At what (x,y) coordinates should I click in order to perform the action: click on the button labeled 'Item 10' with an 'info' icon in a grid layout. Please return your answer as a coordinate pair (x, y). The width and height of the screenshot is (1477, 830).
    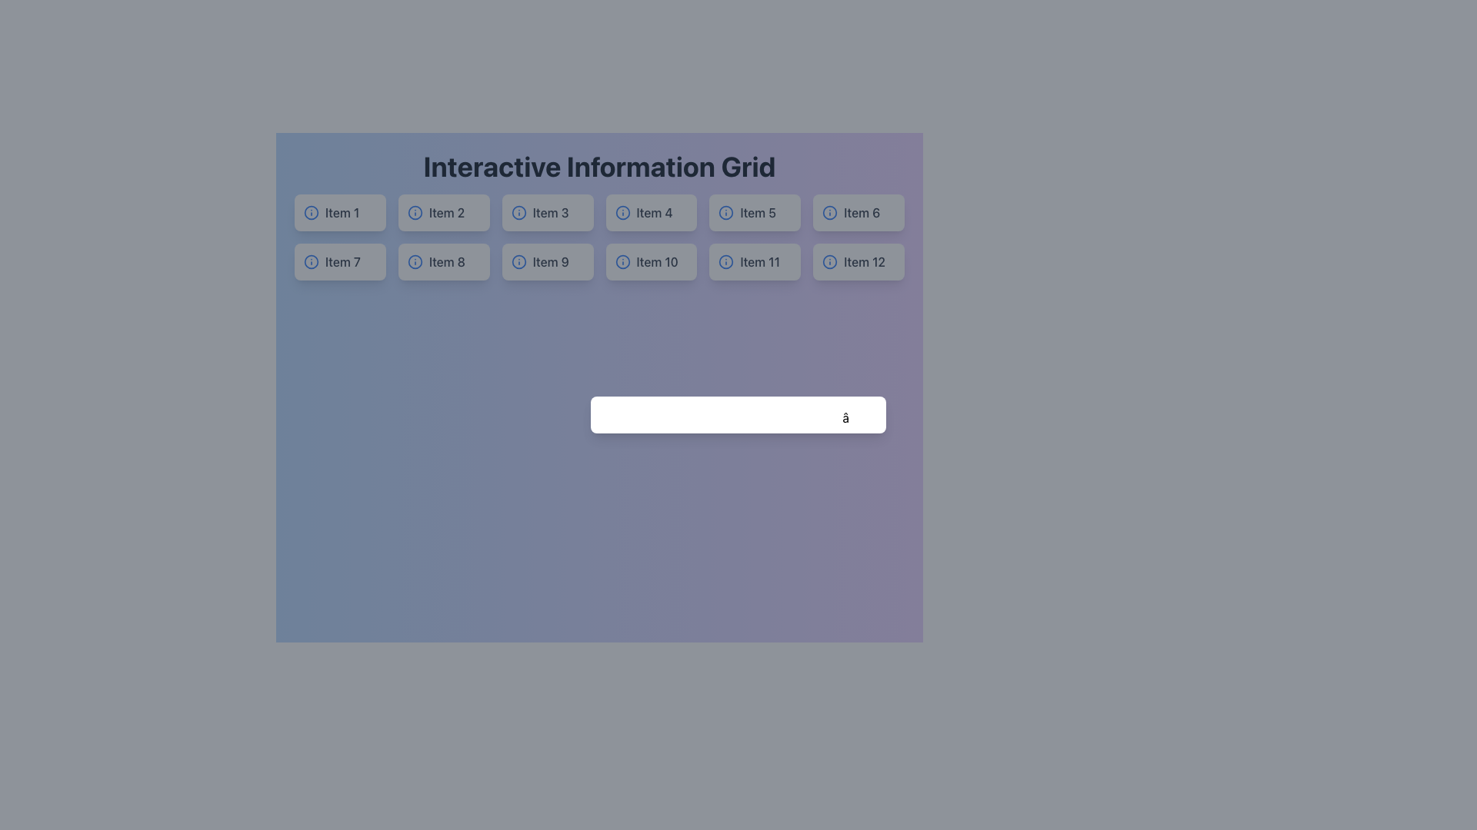
    Looking at the image, I should click on (651, 261).